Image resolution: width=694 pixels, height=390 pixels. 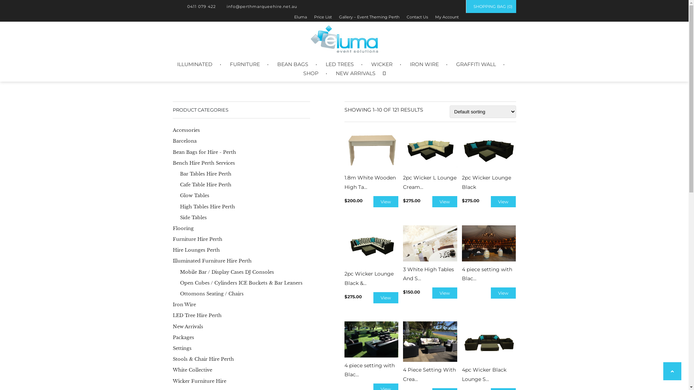 What do you see at coordinates (211, 261) in the screenshot?
I see `'Illuminated Furniture Hire Perth'` at bounding box center [211, 261].